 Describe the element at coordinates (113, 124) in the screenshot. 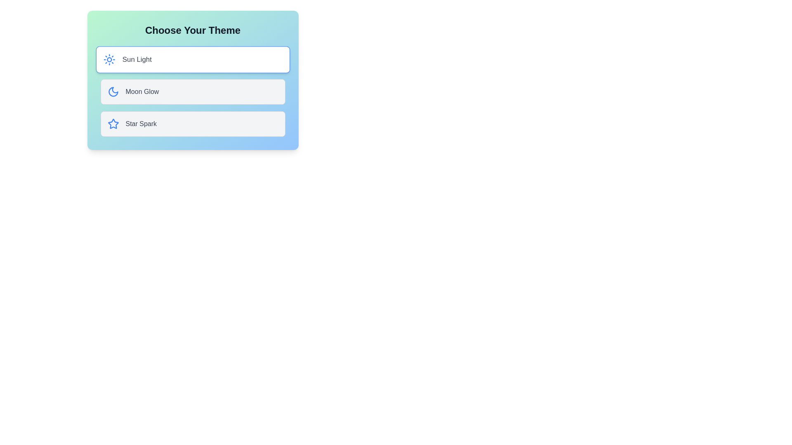

I see `the star icon with a blue outline and white fill located next to the 'Star Spark' text in the theme selection options` at that location.